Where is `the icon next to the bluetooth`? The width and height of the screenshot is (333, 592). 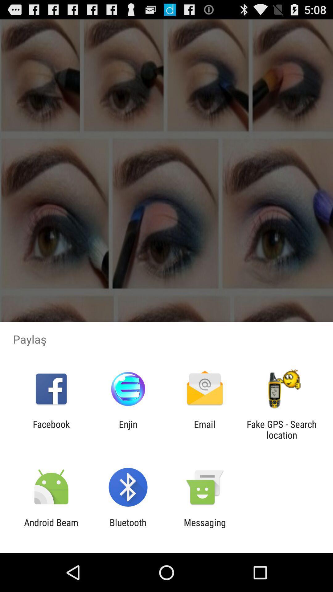 the icon next to the bluetooth is located at coordinates (205, 528).